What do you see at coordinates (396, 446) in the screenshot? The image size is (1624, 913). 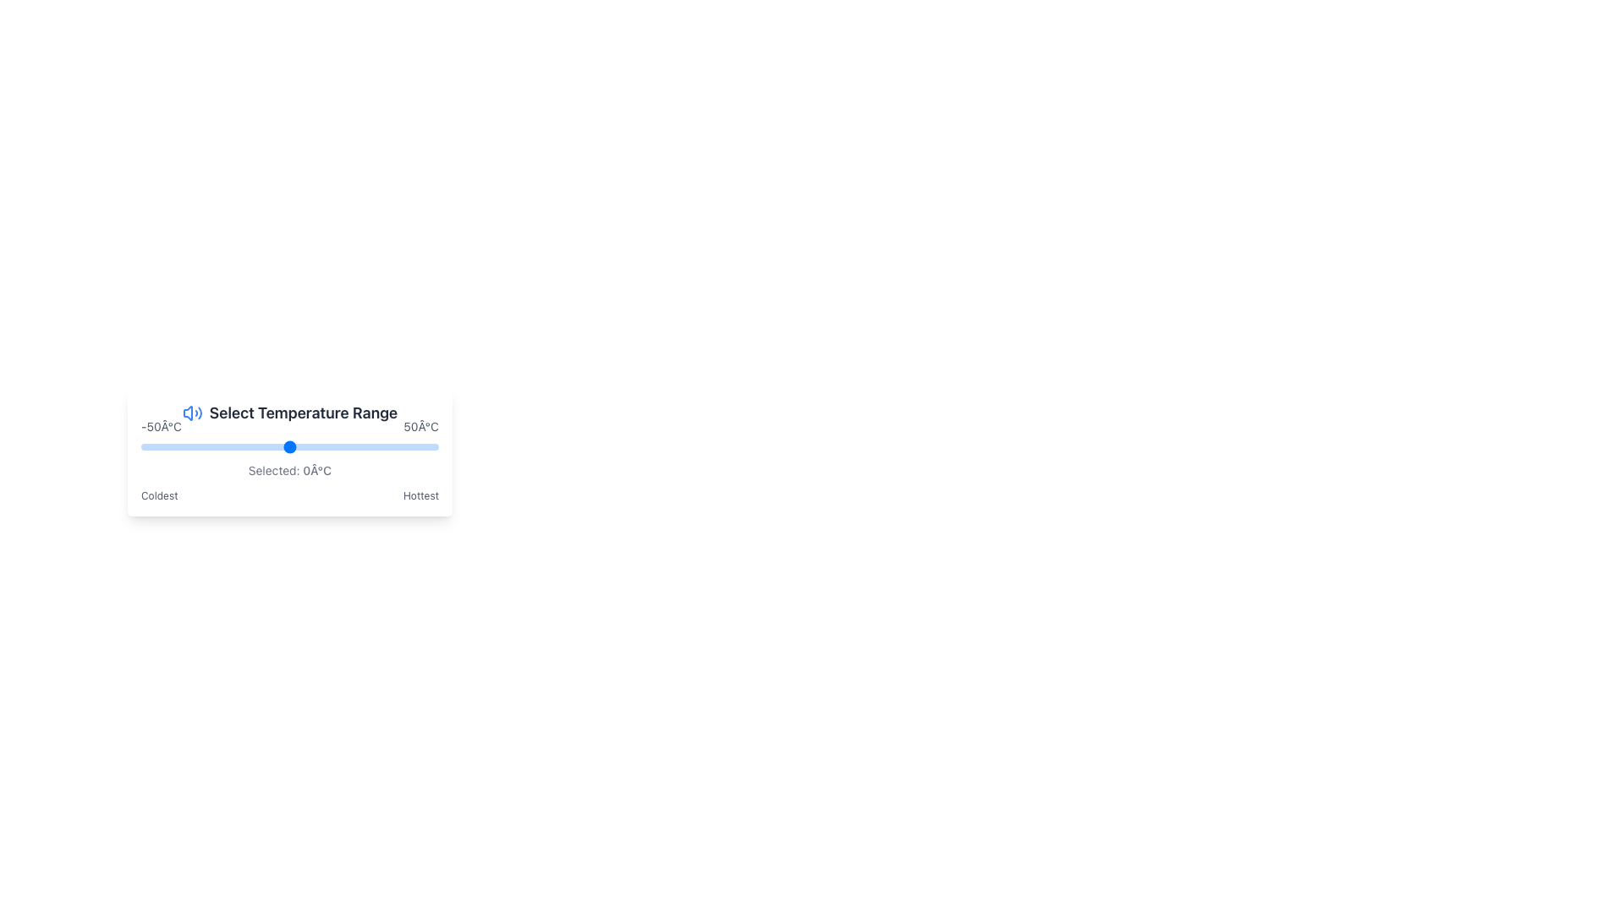 I see `the temperature` at bounding box center [396, 446].